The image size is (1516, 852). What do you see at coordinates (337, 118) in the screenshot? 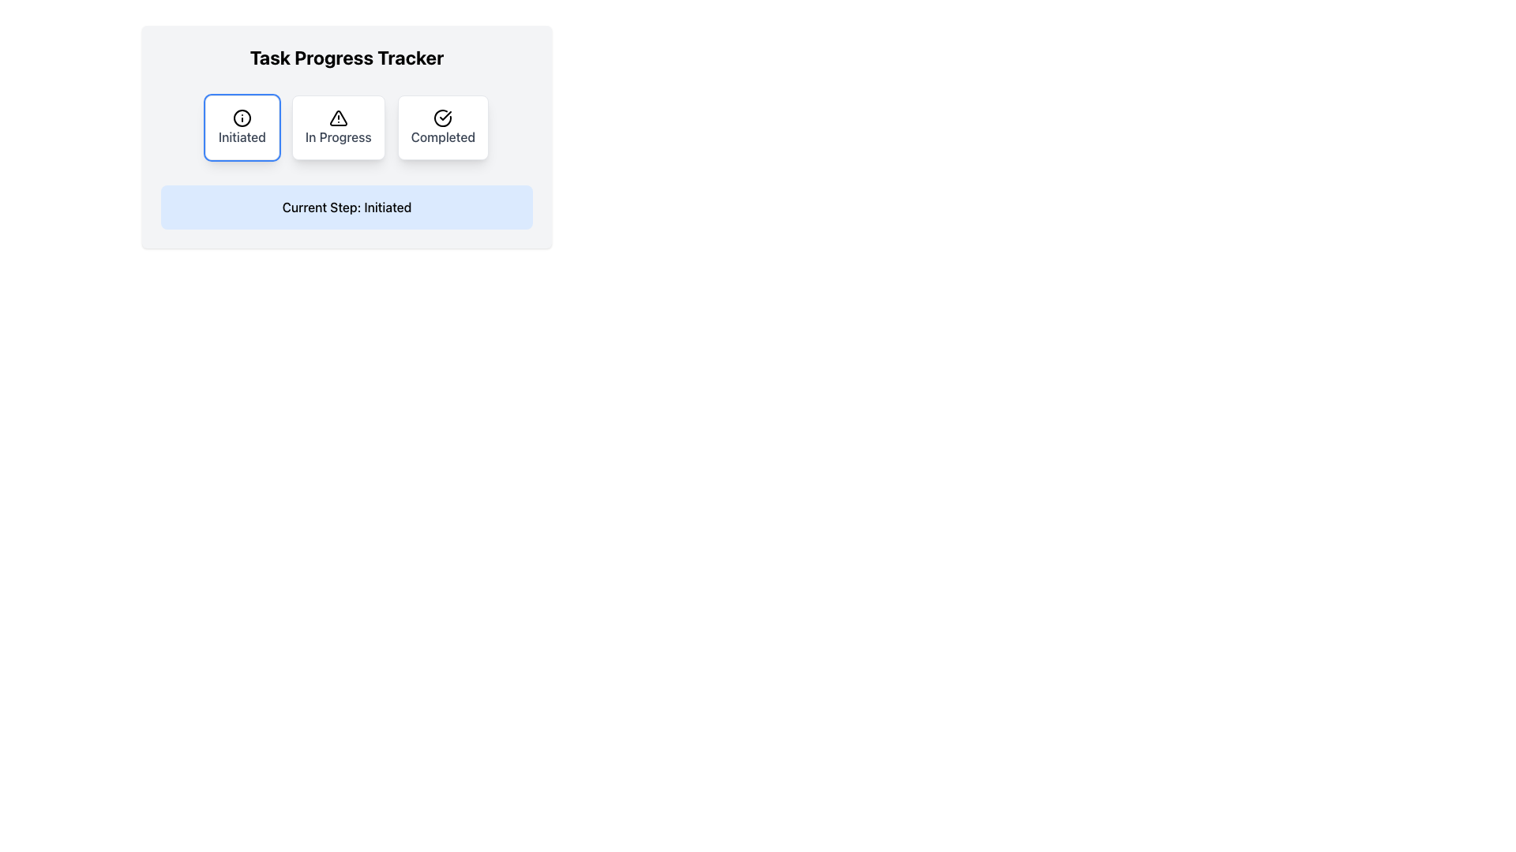
I see `the warning alert icon indicating 'In Progress' status, which is the middle element in a group of three status indicators` at bounding box center [337, 118].